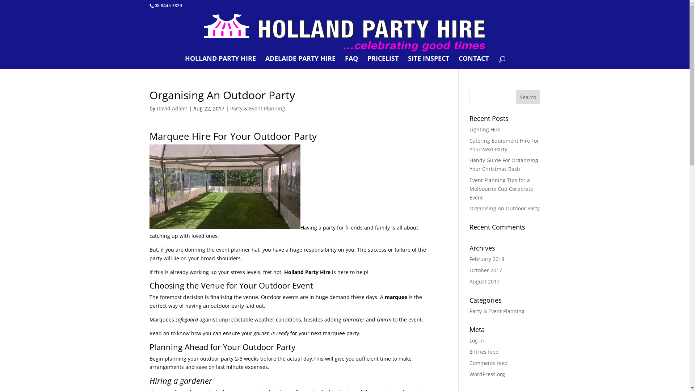  What do you see at coordinates (171, 108) in the screenshot?
I see `'David Adlem'` at bounding box center [171, 108].